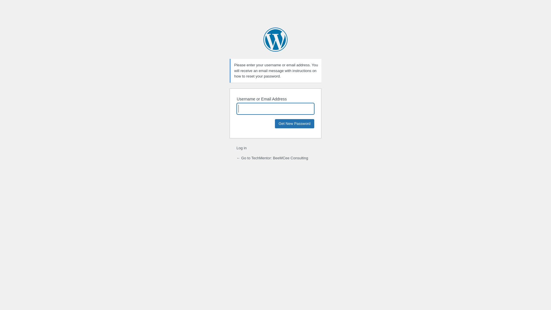  What do you see at coordinates (241, 148) in the screenshot?
I see `'Log in'` at bounding box center [241, 148].